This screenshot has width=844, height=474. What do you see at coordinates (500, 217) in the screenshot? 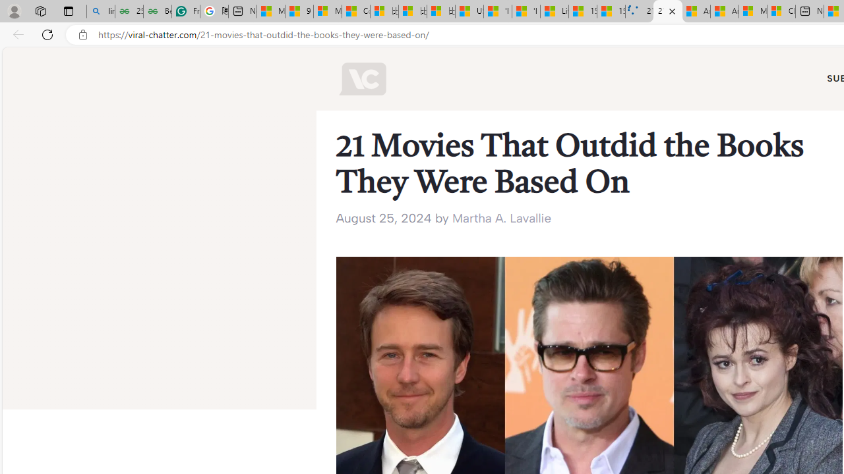
I see `'Martha A. Lavallie'` at bounding box center [500, 217].